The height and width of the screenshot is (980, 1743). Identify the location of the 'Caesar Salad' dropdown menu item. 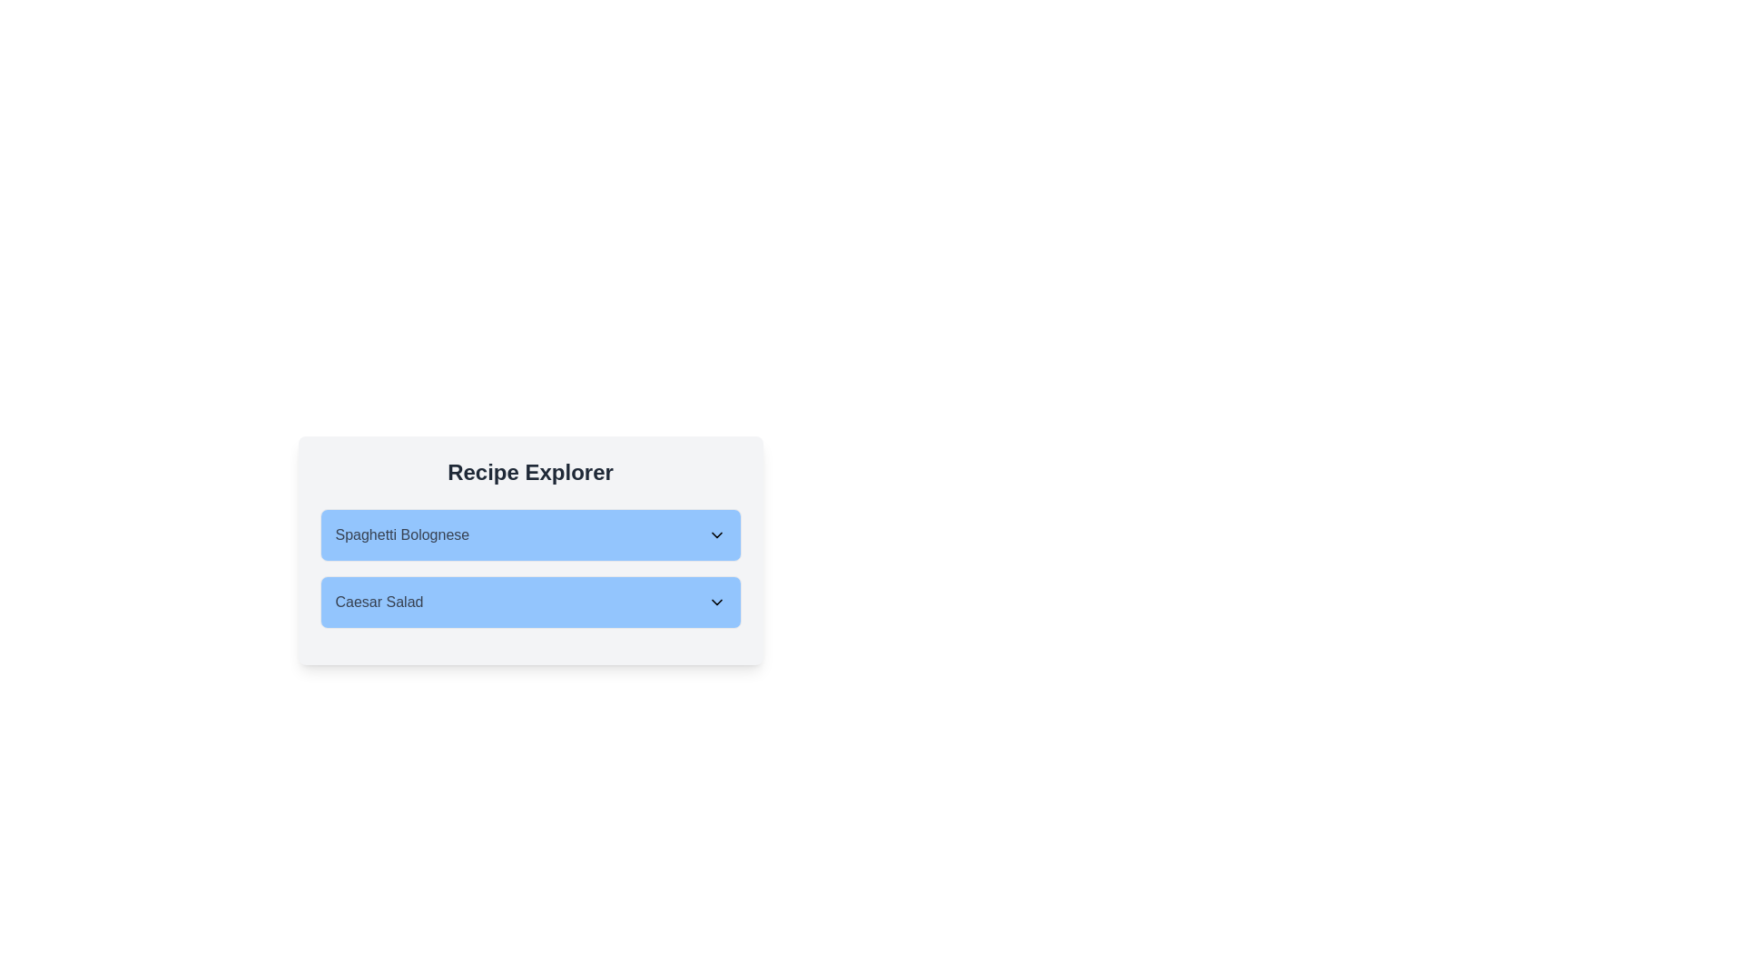
(529, 602).